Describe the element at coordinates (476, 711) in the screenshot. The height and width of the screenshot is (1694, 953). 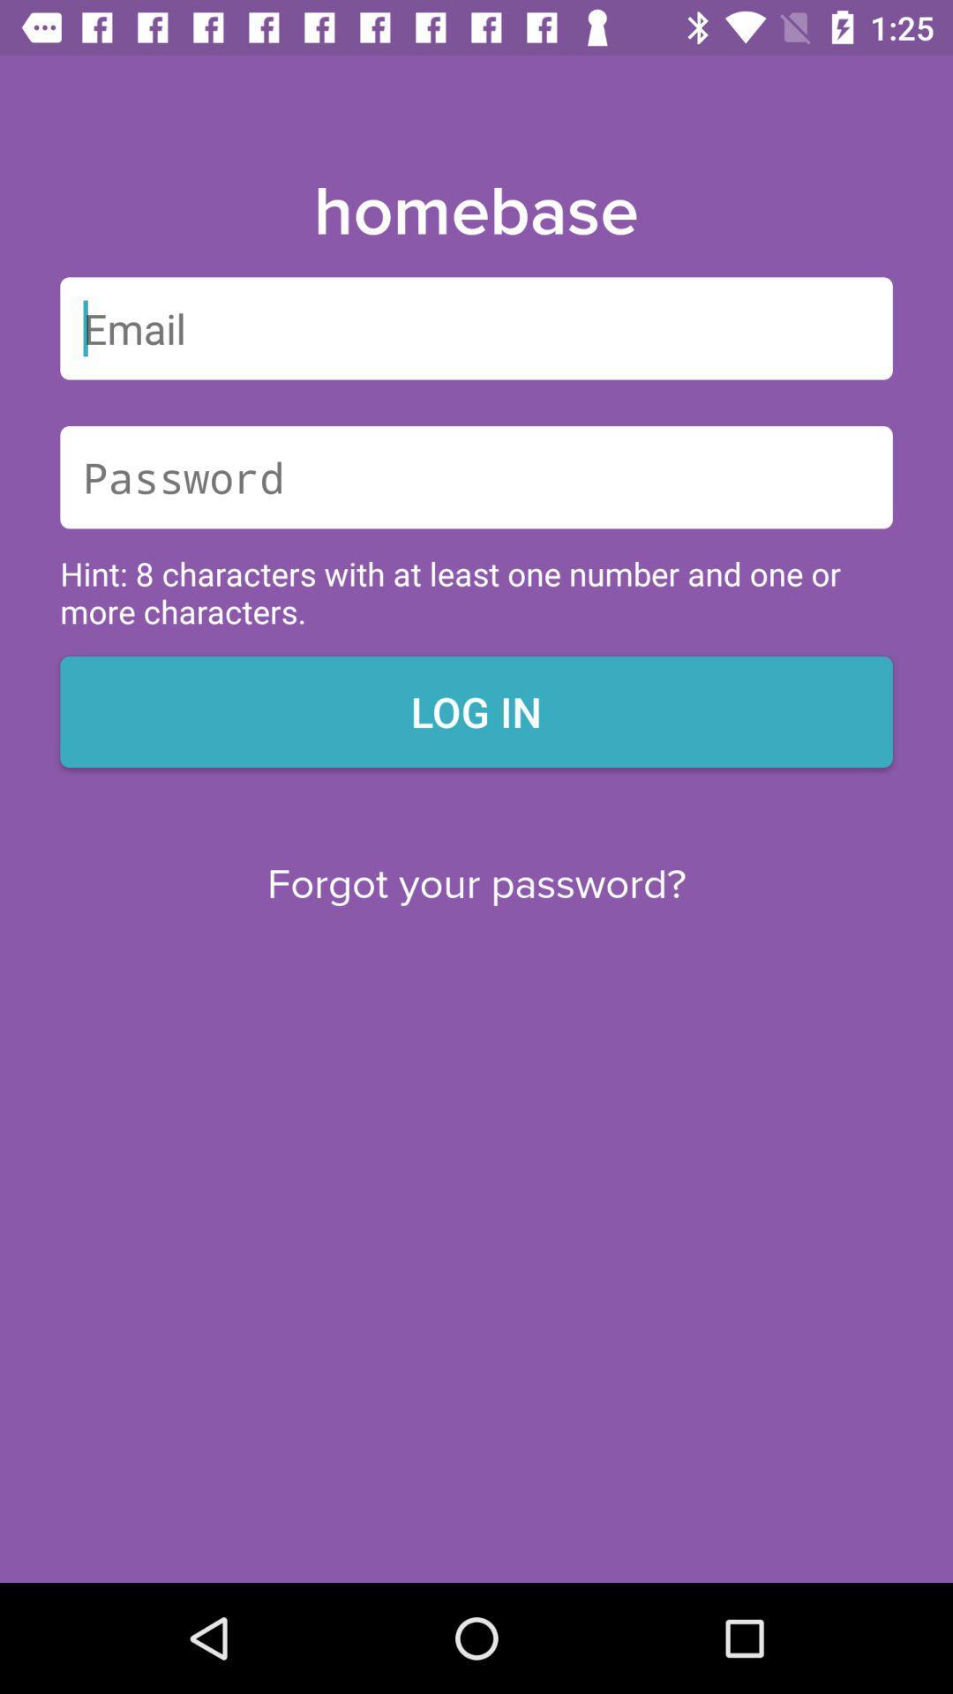
I see `icon above the forgot your password? icon` at that location.